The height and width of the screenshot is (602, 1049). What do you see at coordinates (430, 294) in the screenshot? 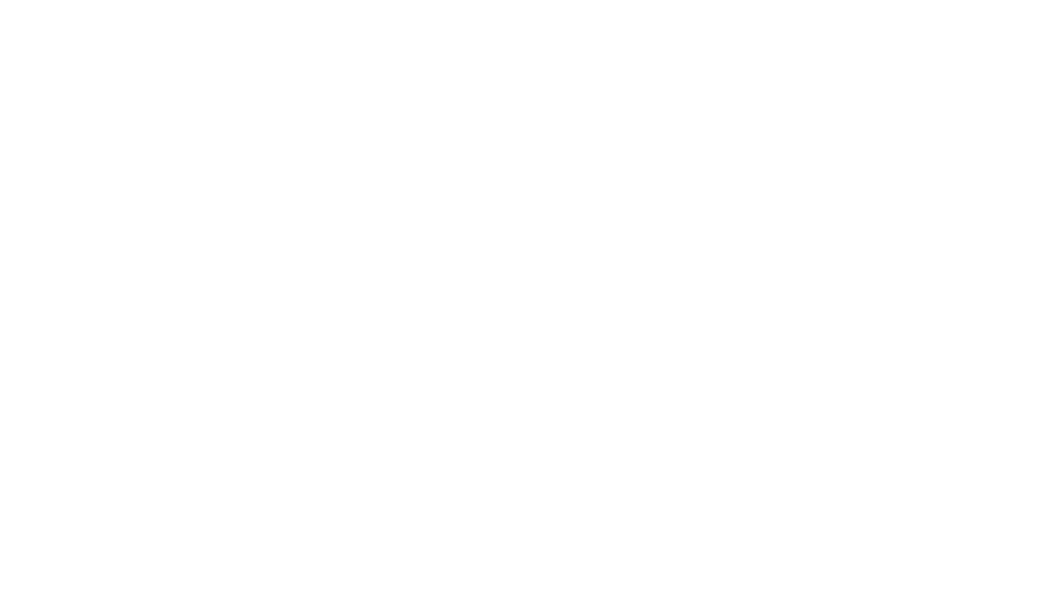
I see `'Jenfab Cleaning Solutions'` at bounding box center [430, 294].